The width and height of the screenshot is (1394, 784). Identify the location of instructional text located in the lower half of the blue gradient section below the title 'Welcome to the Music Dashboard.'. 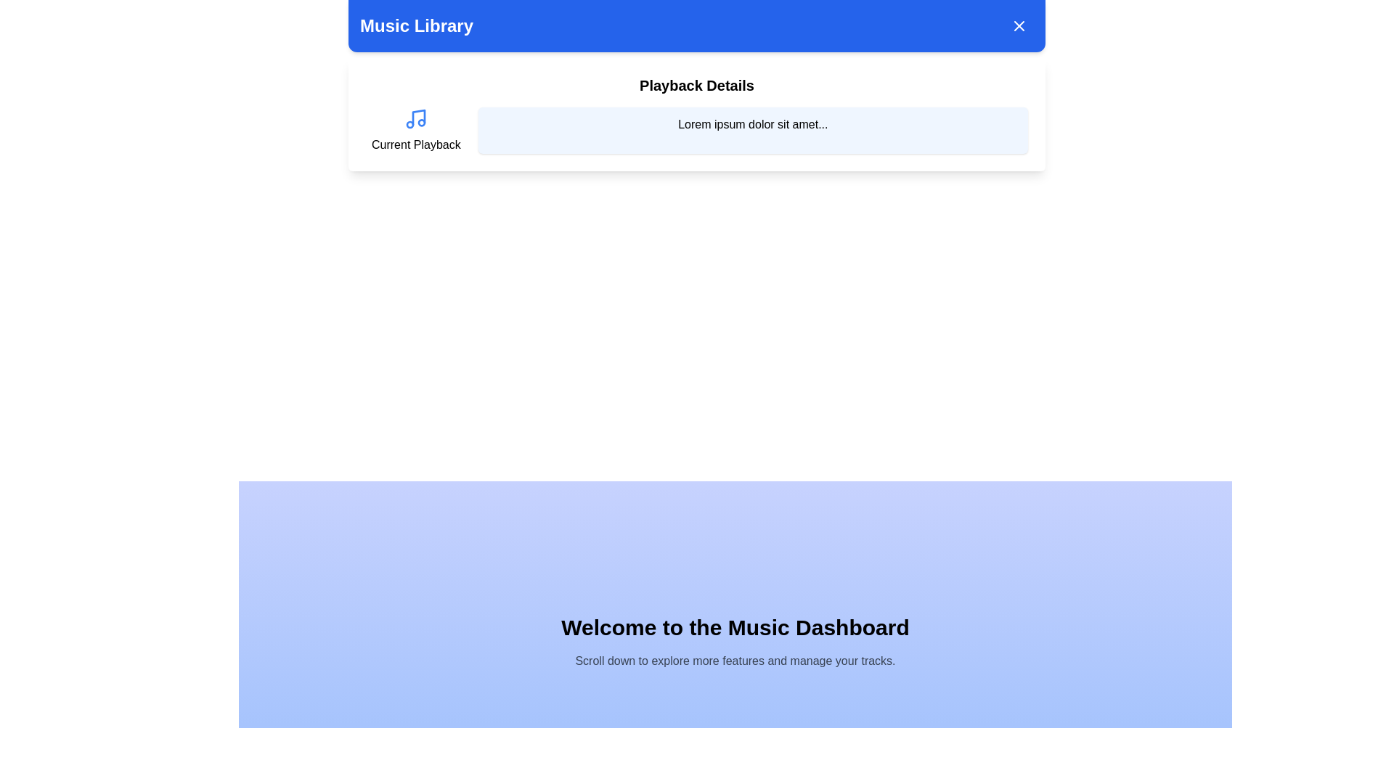
(735, 661).